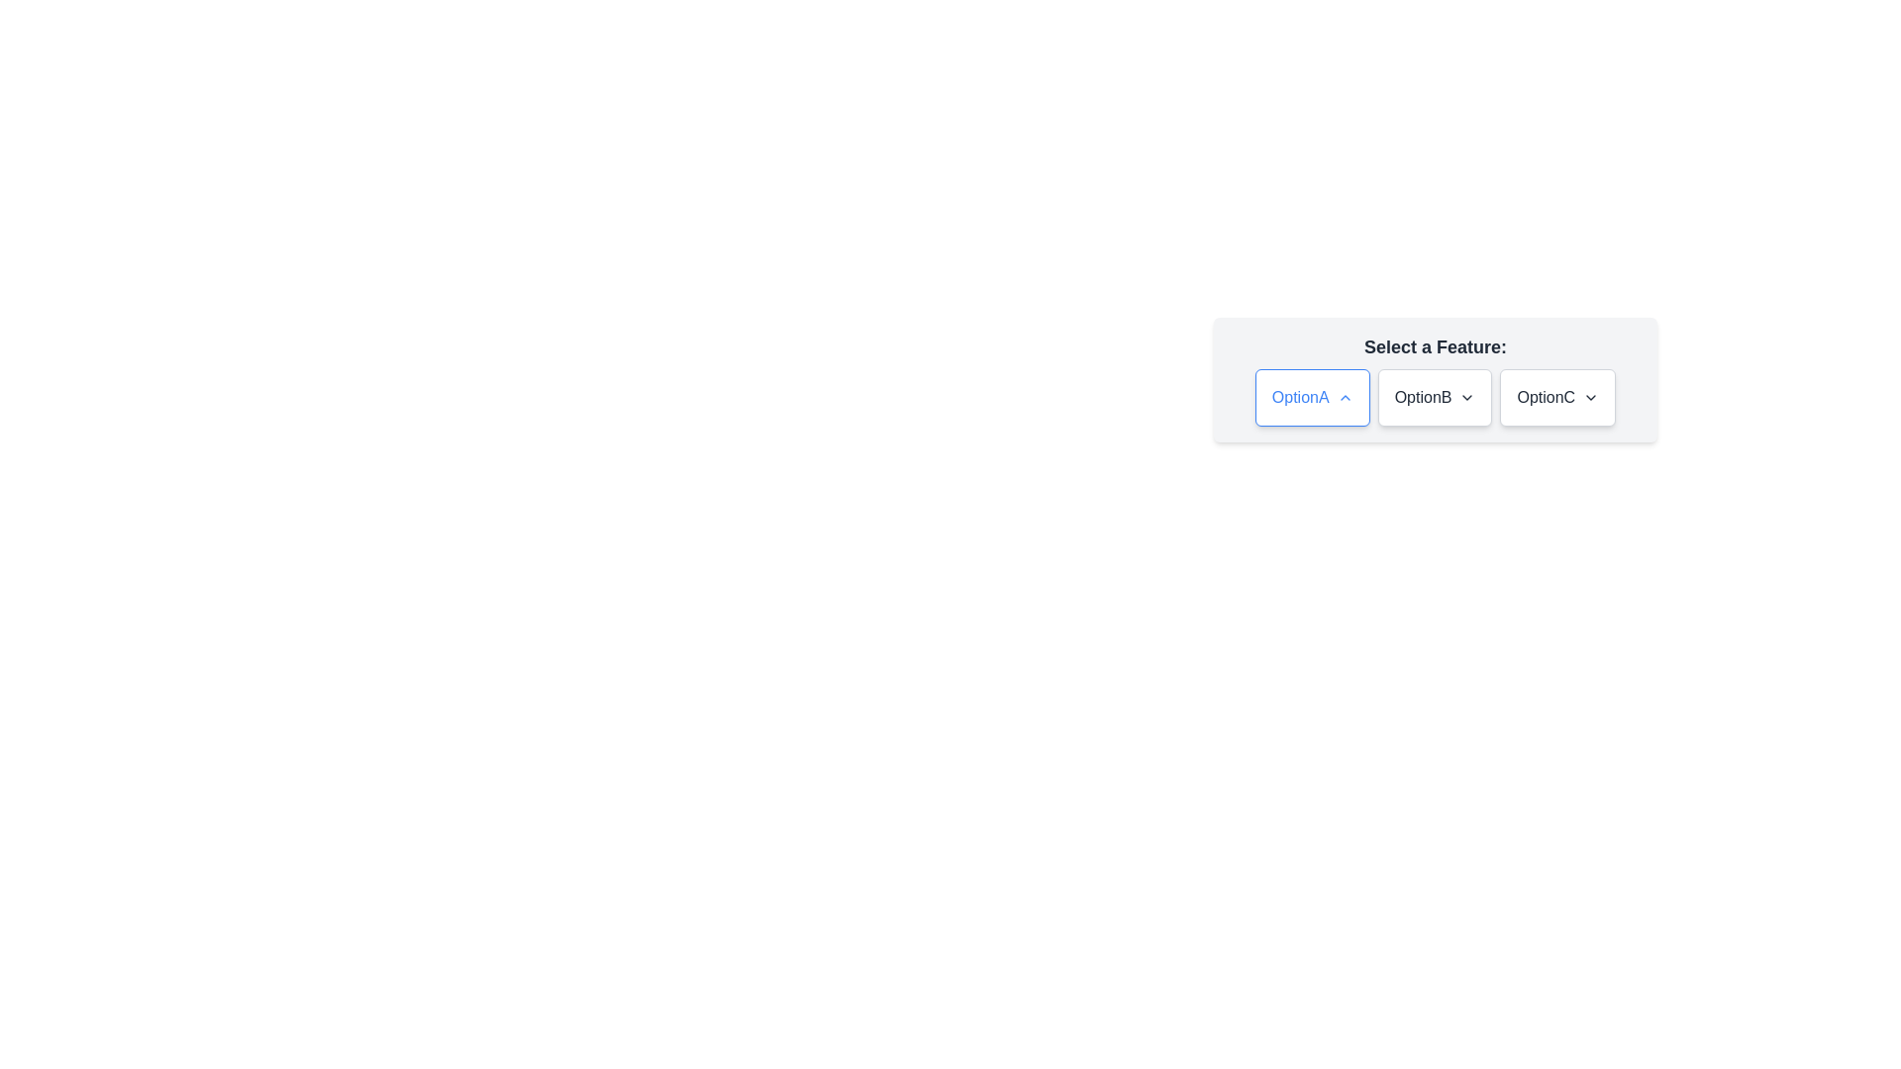 The height and width of the screenshot is (1069, 1901). Describe the element at coordinates (1591, 397) in the screenshot. I see `the small downward-facing arrow icon located at the right end of the 'OptionC' button` at that location.